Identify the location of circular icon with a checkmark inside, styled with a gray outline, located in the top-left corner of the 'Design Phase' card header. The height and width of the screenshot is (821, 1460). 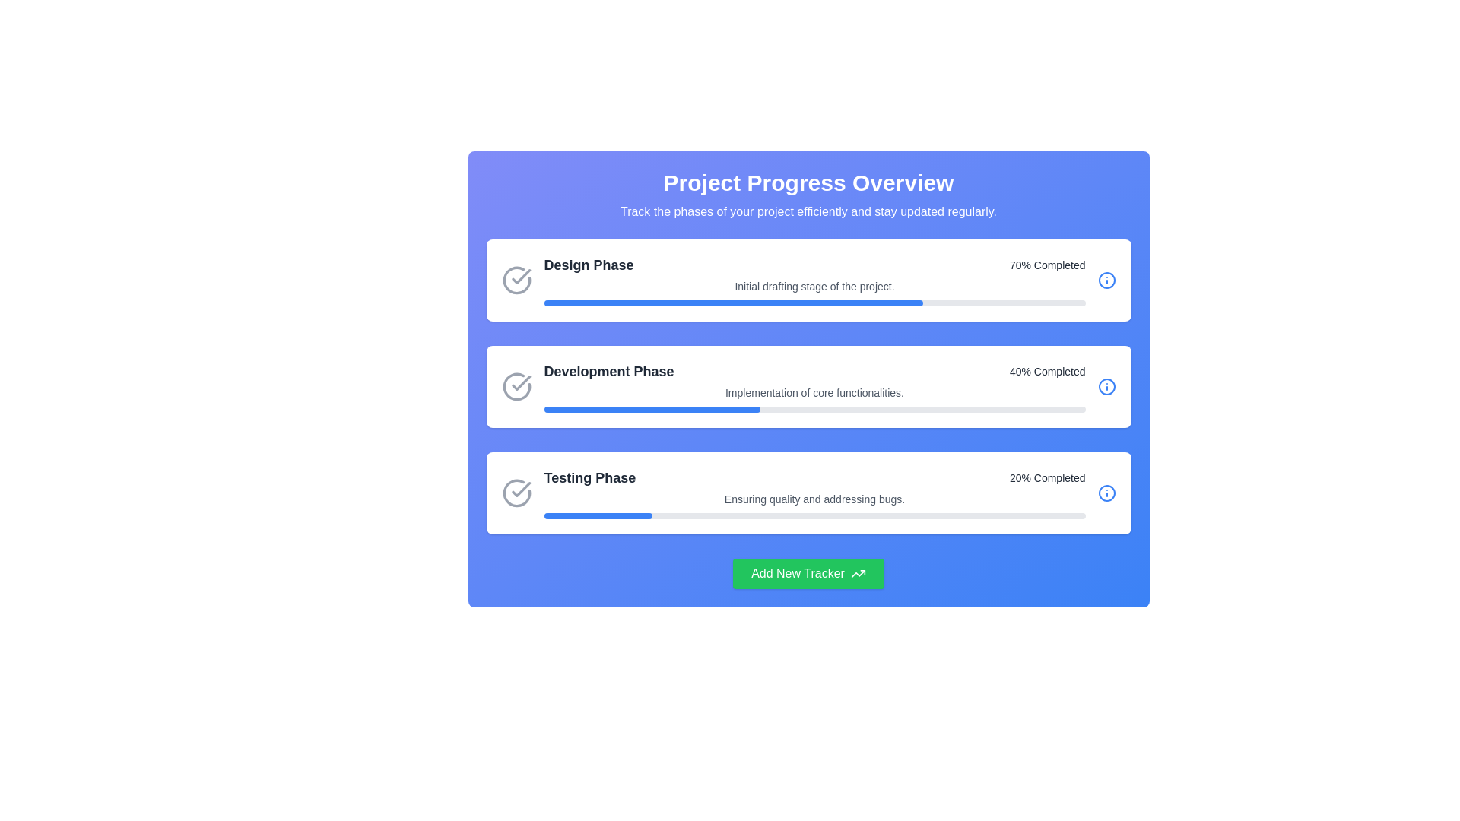
(516, 281).